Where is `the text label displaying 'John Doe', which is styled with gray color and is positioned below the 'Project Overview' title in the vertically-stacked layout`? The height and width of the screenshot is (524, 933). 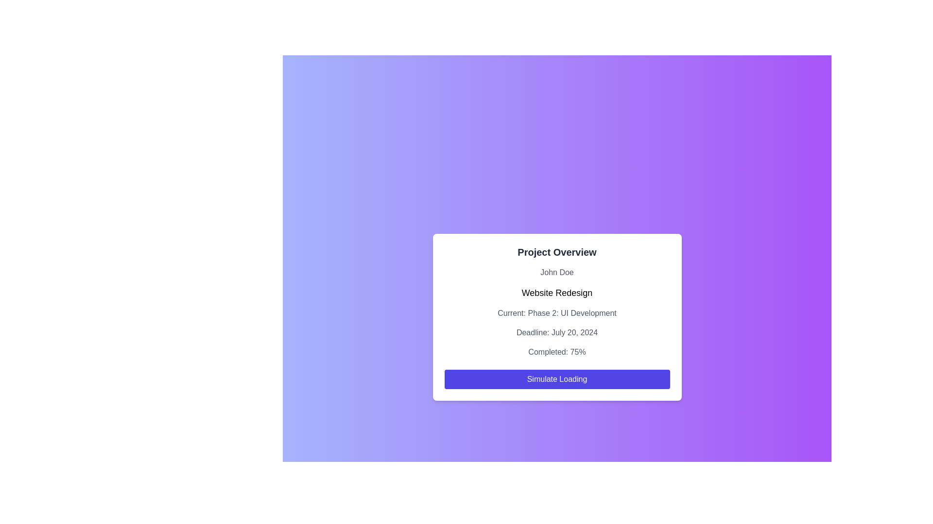
the text label displaying 'John Doe', which is styled with gray color and is positioned below the 'Project Overview' title in the vertically-stacked layout is located at coordinates (557, 273).